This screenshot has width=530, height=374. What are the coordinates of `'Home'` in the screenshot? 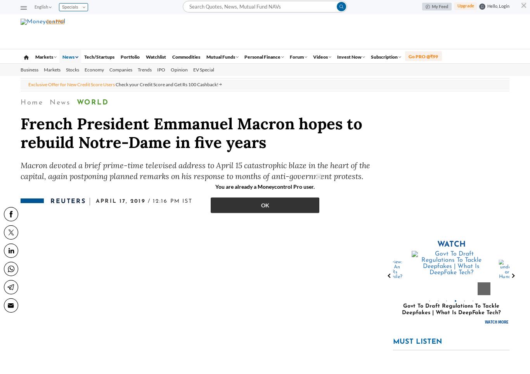 It's located at (31, 102).